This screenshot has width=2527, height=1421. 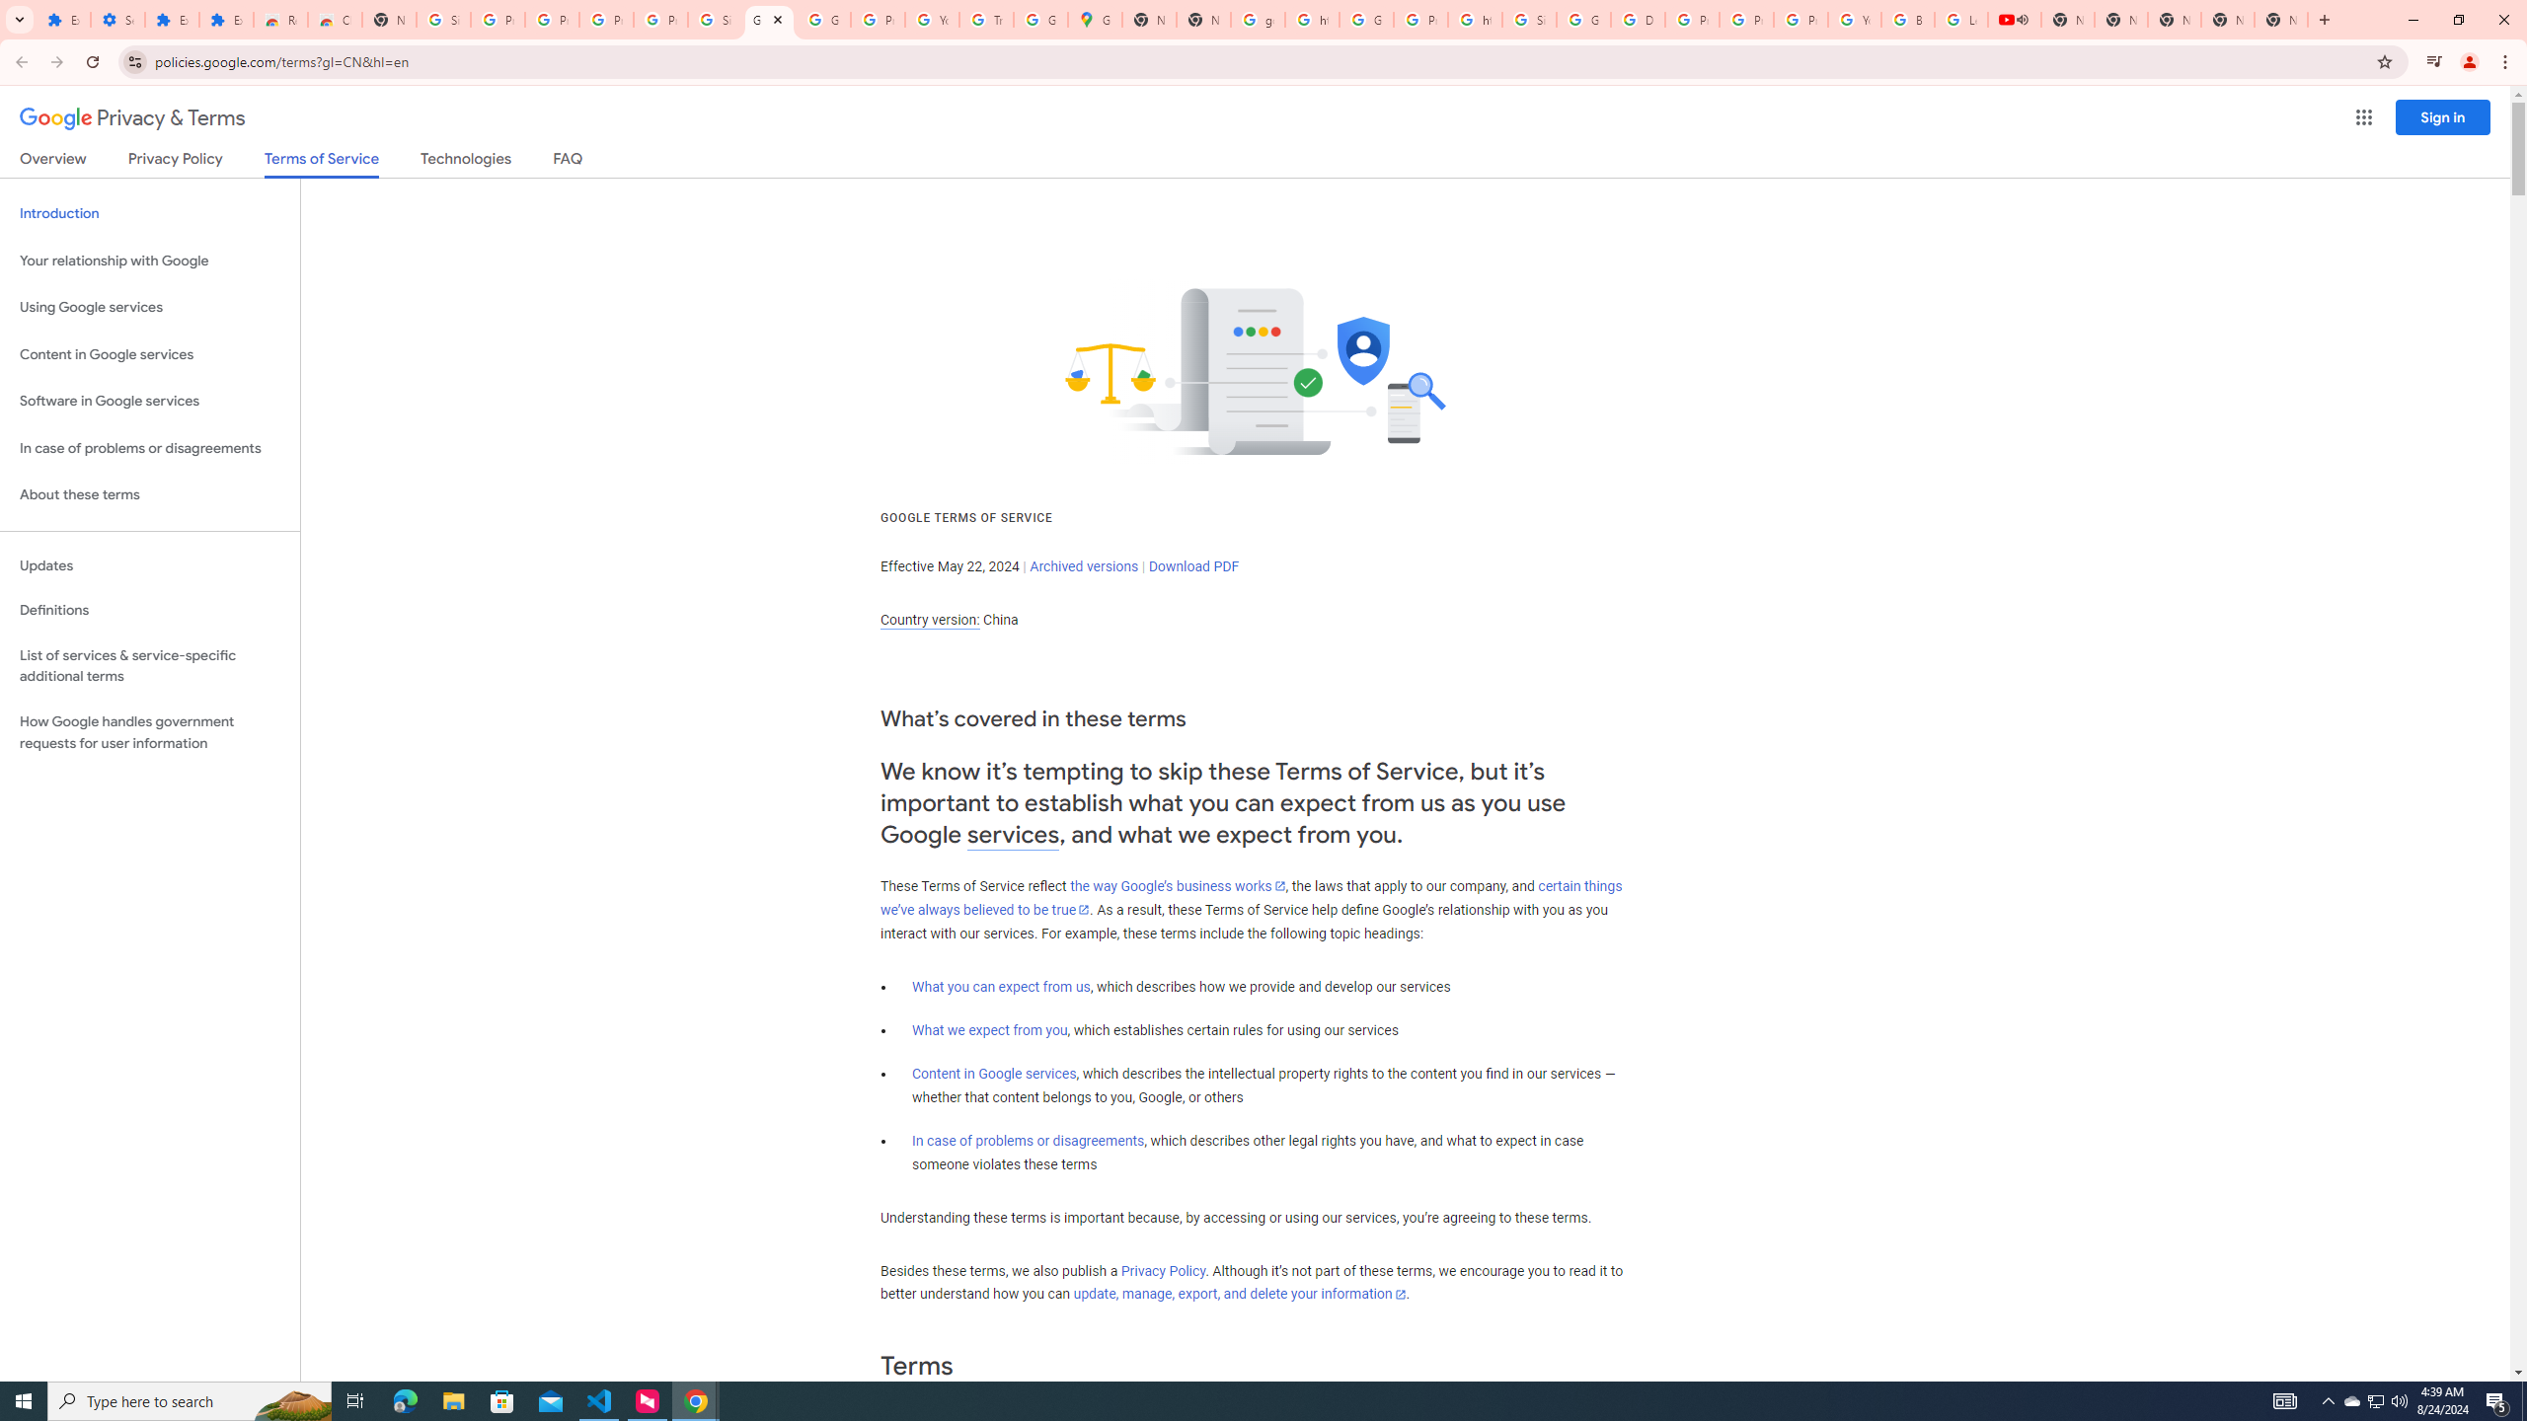 What do you see at coordinates (1002, 986) in the screenshot?
I see `'What you can expect from us'` at bounding box center [1002, 986].